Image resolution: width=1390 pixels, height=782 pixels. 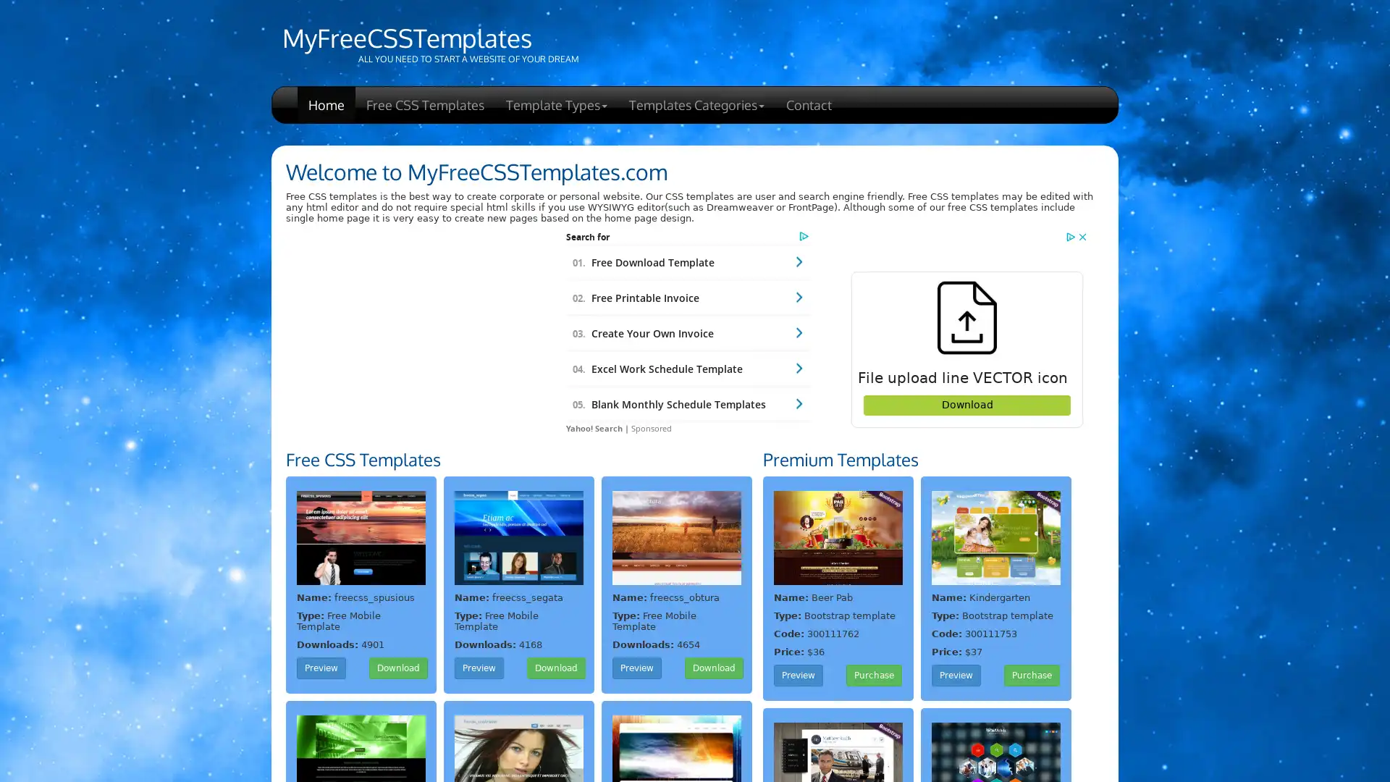 I want to click on Download, so click(x=398, y=668).